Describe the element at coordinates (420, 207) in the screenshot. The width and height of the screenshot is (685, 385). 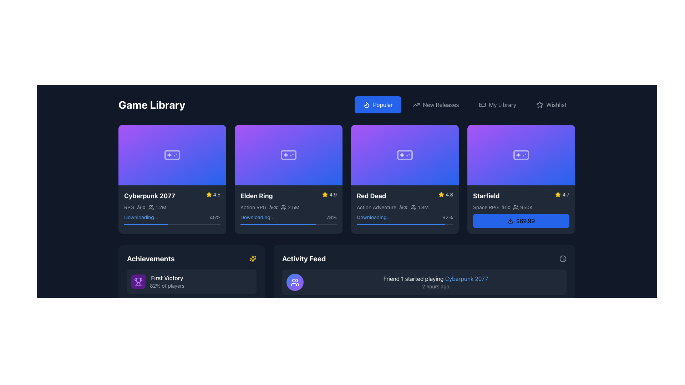
I see `the Text label indicating the number of users or downloads for the game 'Red Dead', located in the third card of the 'Game Library' section, to the right of the user icon` at that location.